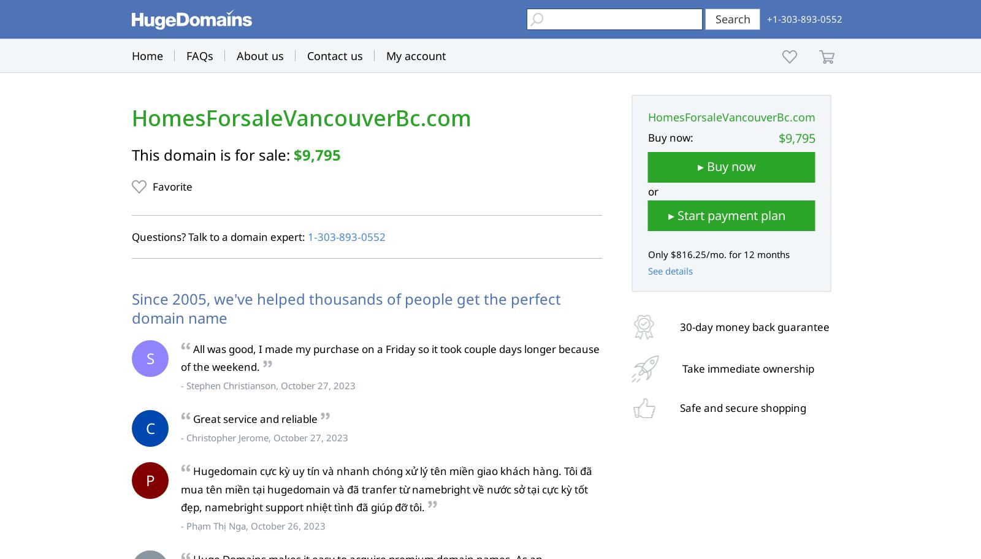  I want to click on 'C', so click(150, 427).